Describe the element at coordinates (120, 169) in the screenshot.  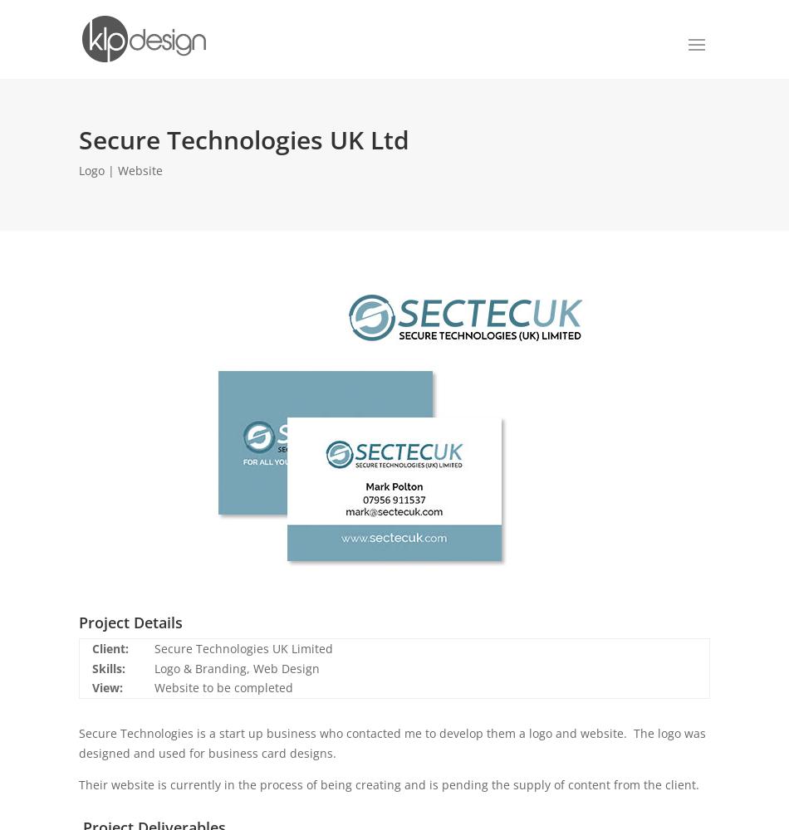
I see `'Logo | Website'` at that location.